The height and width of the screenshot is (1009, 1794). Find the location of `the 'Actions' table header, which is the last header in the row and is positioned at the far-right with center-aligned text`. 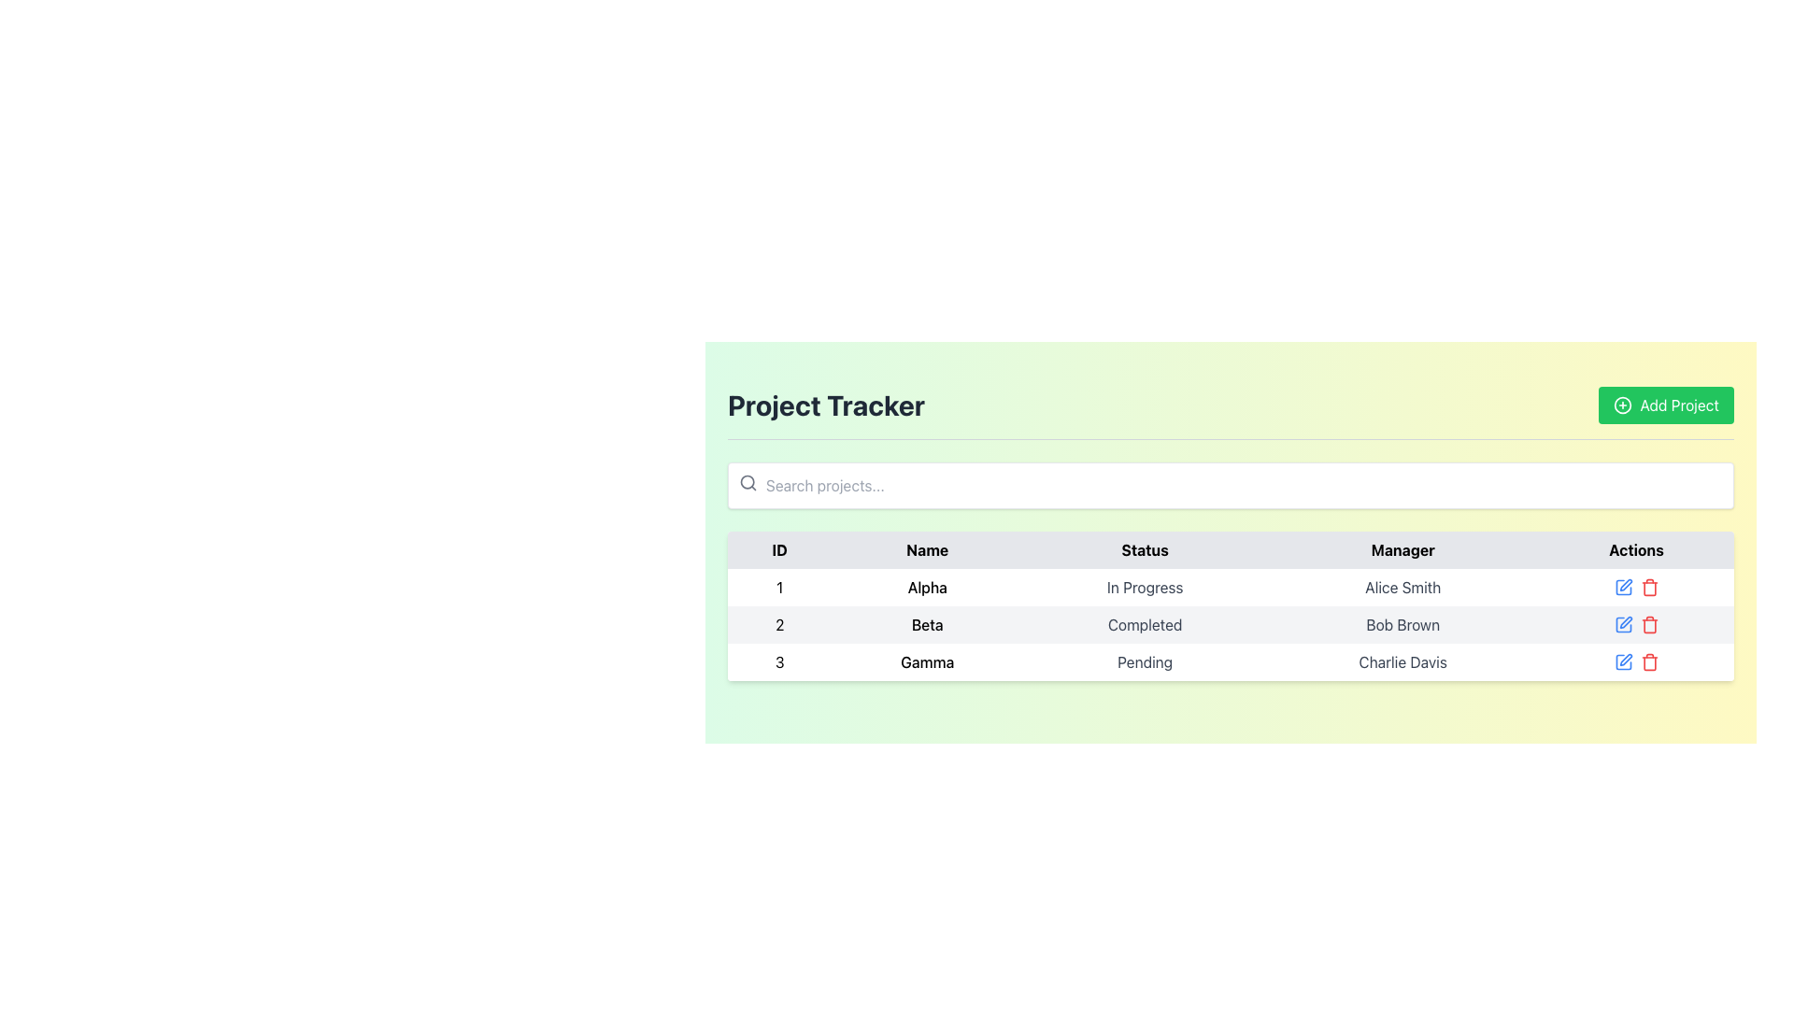

the 'Actions' table header, which is the last header in the row and is positioned at the far-right with center-aligned text is located at coordinates (1635, 549).